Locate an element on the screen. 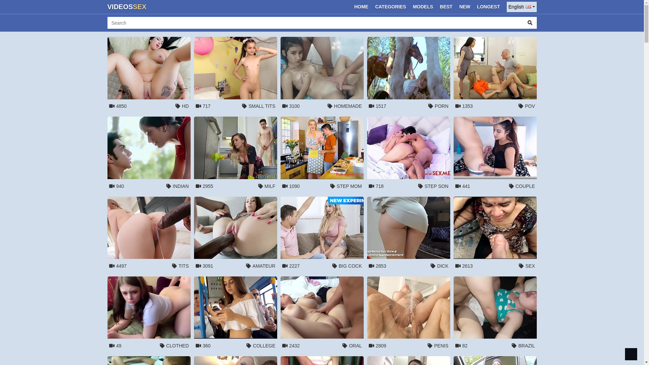 Image resolution: width=649 pixels, height=365 pixels. '4497 is located at coordinates (149, 234).